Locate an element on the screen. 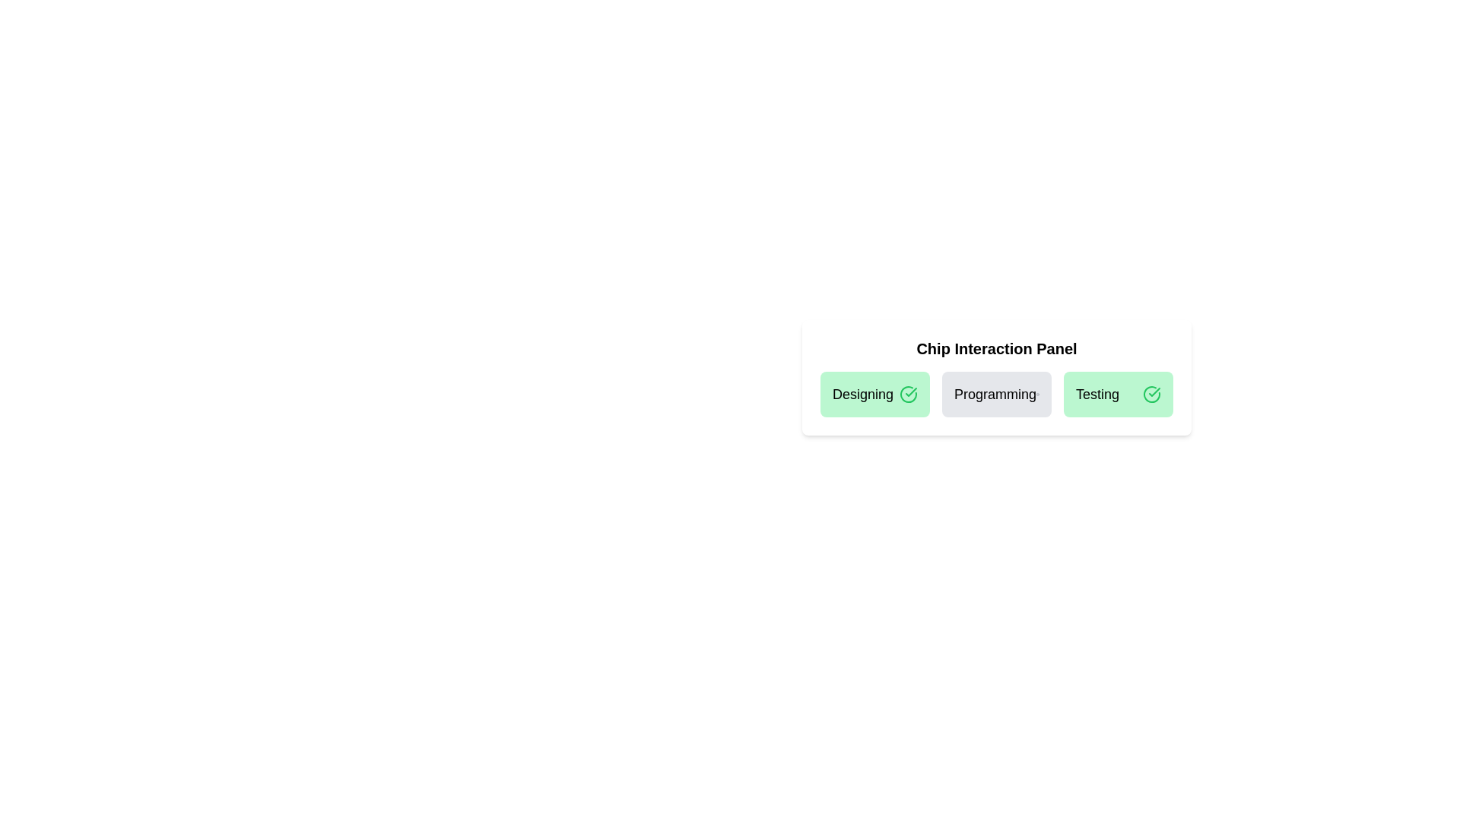 Image resolution: width=1460 pixels, height=821 pixels. the chip labeled Programming is located at coordinates (996, 394).